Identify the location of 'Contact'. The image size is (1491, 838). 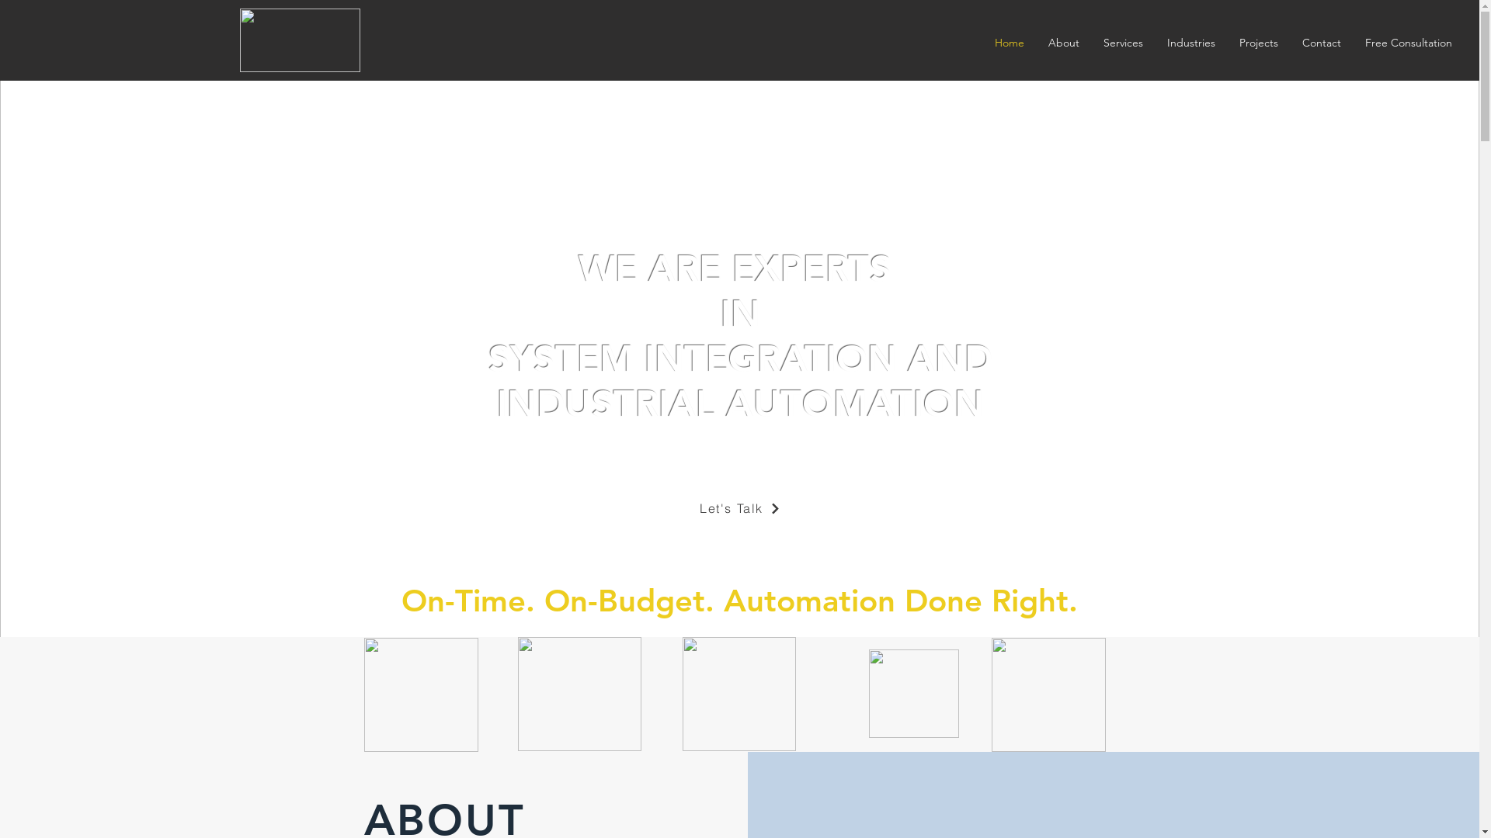
(1320, 42).